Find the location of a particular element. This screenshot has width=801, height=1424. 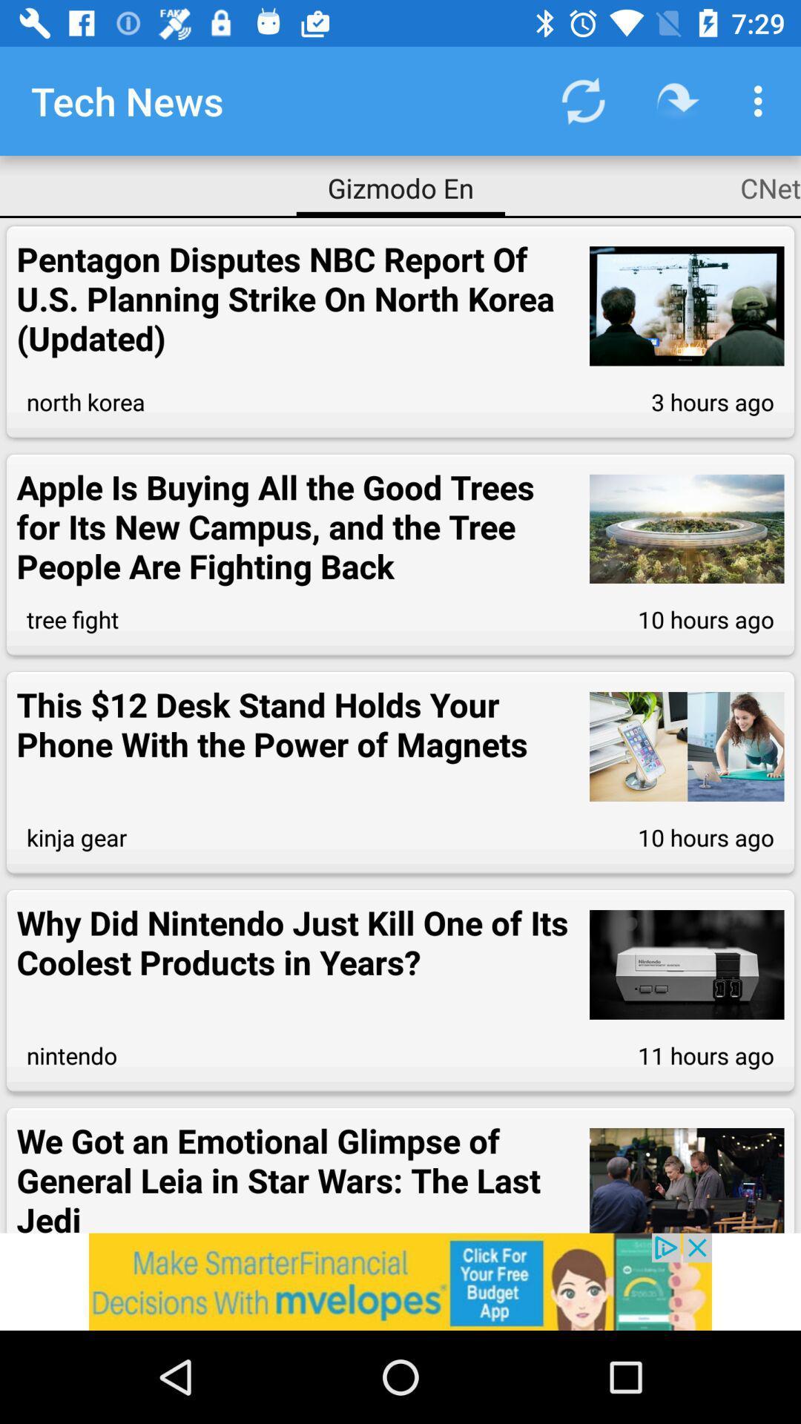

advertisement free budget app is located at coordinates (400, 1281).